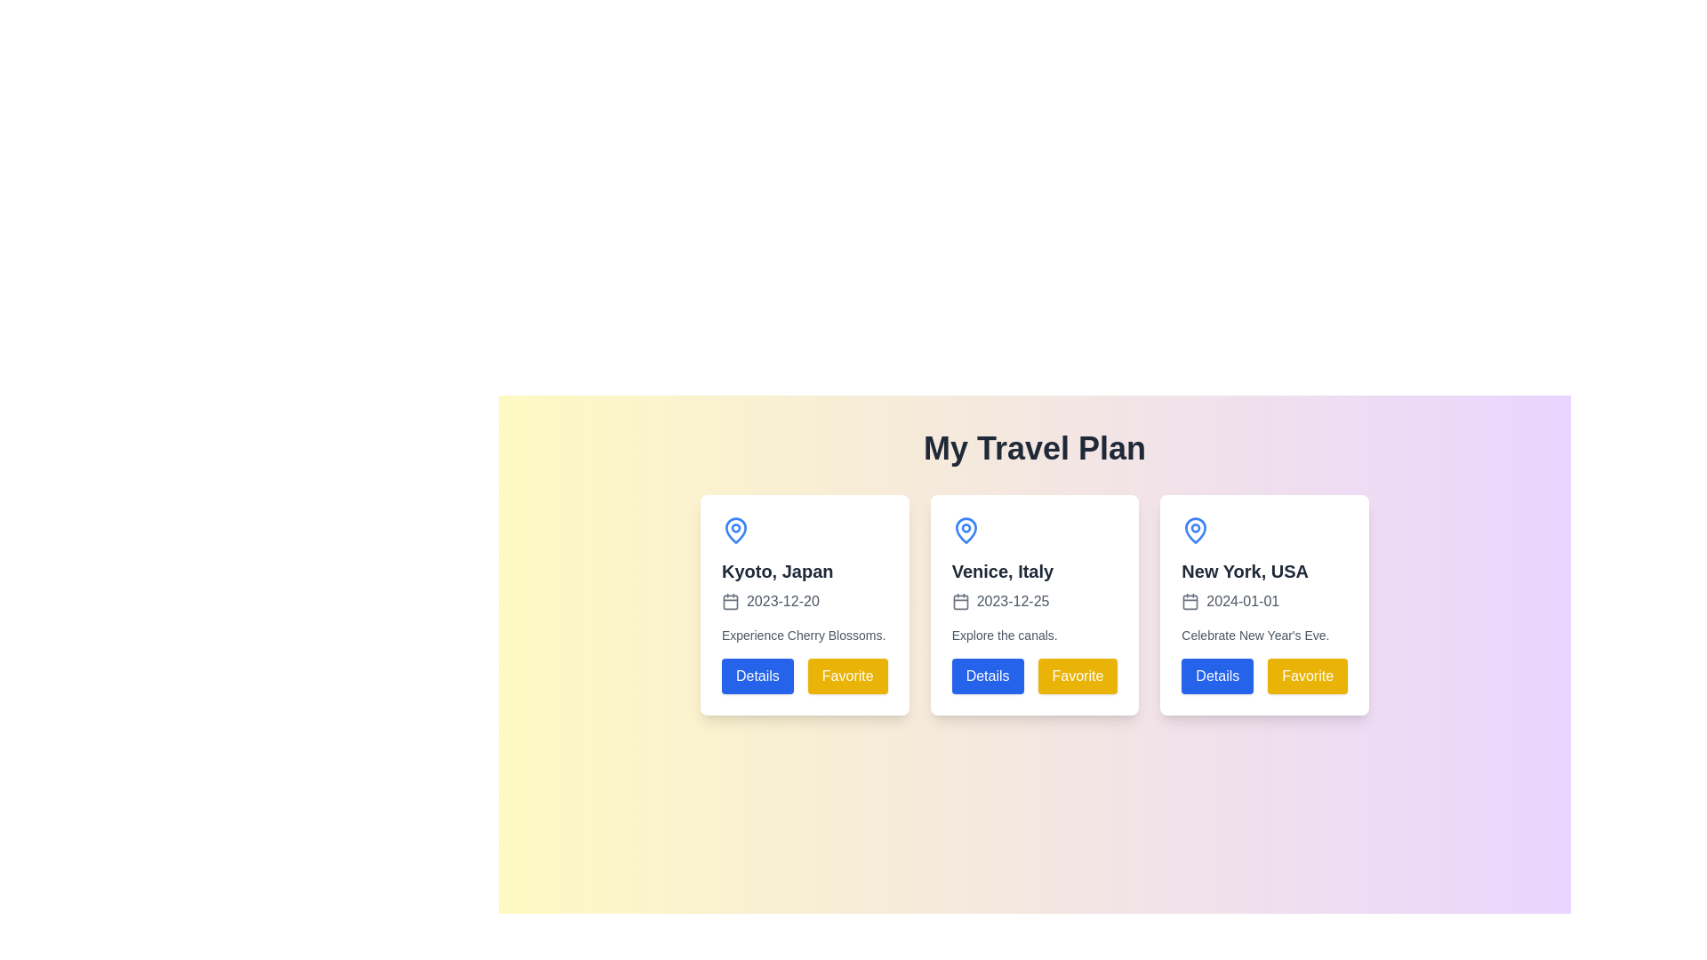 This screenshot has width=1707, height=960. Describe the element at coordinates (1308, 676) in the screenshot. I see `the 'Favorite' button, which is a vibrant yellow rectangular button with rounded corners` at that location.